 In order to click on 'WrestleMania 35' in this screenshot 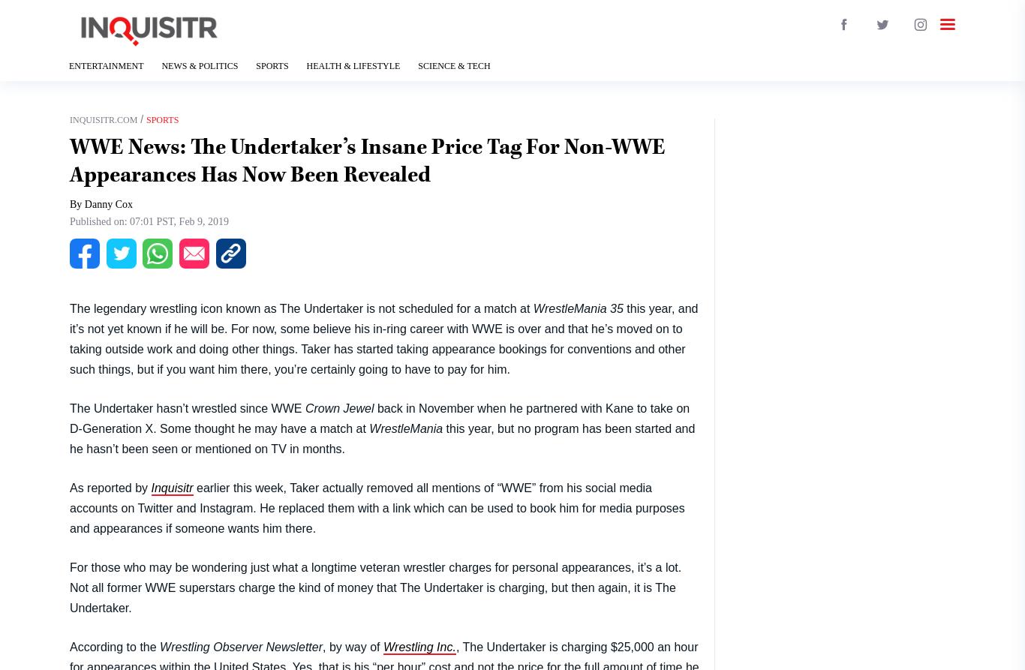, I will do `click(578, 308)`.